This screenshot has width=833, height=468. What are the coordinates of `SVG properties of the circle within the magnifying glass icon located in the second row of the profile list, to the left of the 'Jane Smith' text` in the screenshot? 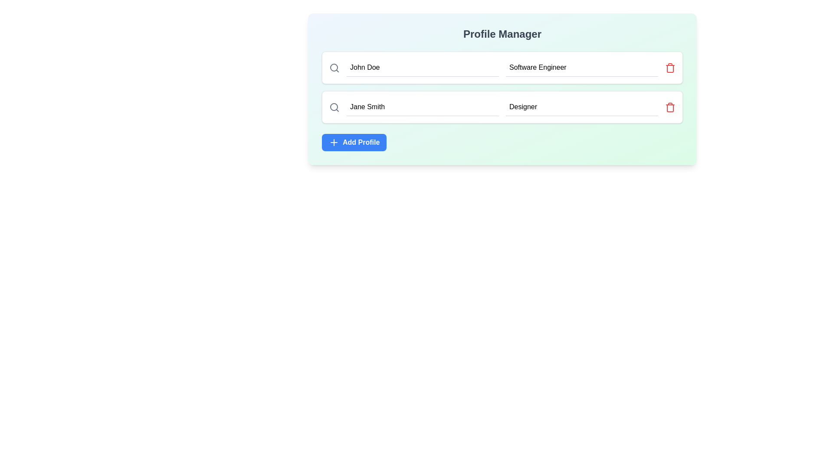 It's located at (333, 106).